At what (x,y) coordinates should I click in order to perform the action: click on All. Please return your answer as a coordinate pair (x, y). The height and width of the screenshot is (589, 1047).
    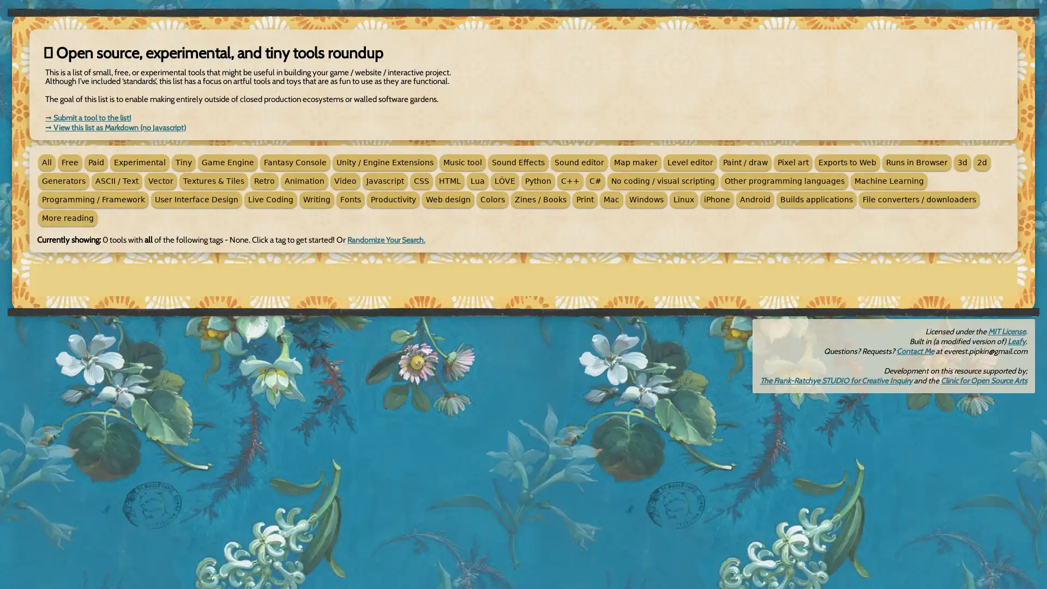
    Looking at the image, I should click on (46, 162).